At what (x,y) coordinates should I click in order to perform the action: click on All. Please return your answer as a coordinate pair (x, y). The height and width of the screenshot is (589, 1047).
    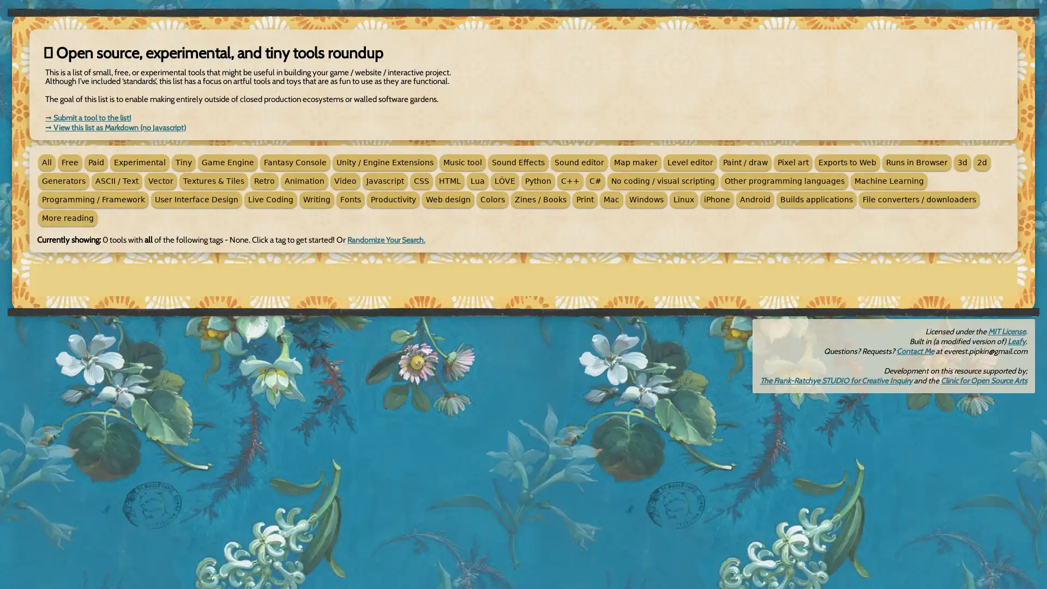
    Looking at the image, I should click on (46, 162).